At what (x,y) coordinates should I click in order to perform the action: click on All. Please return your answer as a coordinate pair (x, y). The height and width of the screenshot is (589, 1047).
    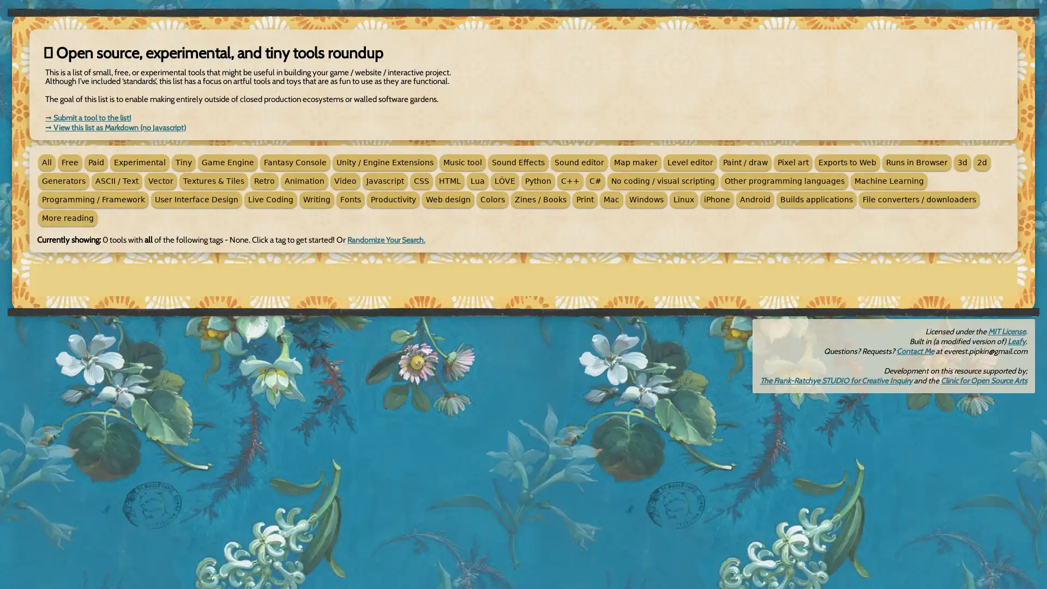
    Looking at the image, I should click on (46, 162).